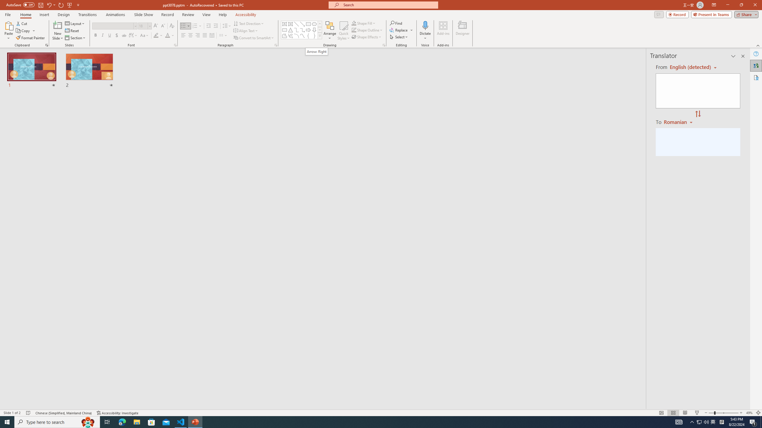 The image size is (762, 428). Describe the element at coordinates (749, 413) in the screenshot. I see `'Zoom 49%'` at that location.